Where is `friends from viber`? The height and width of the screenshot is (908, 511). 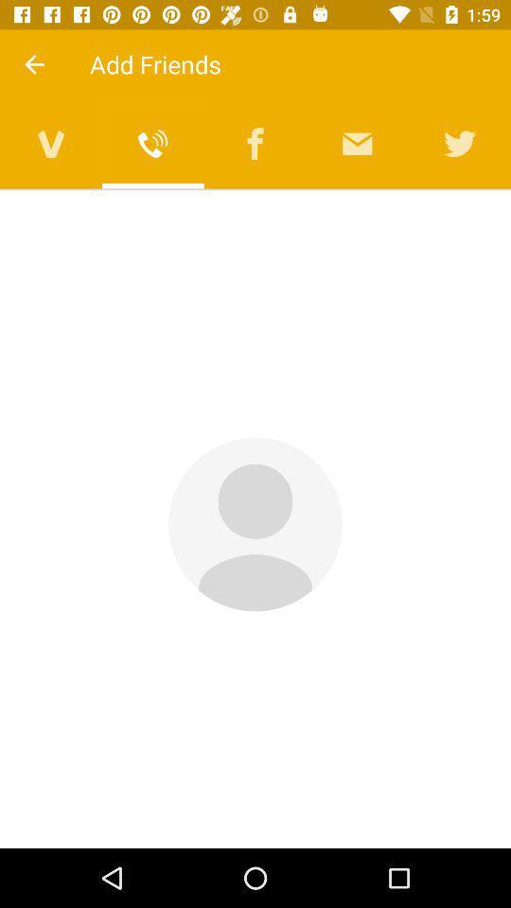
friends from viber is located at coordinates (152, 143).